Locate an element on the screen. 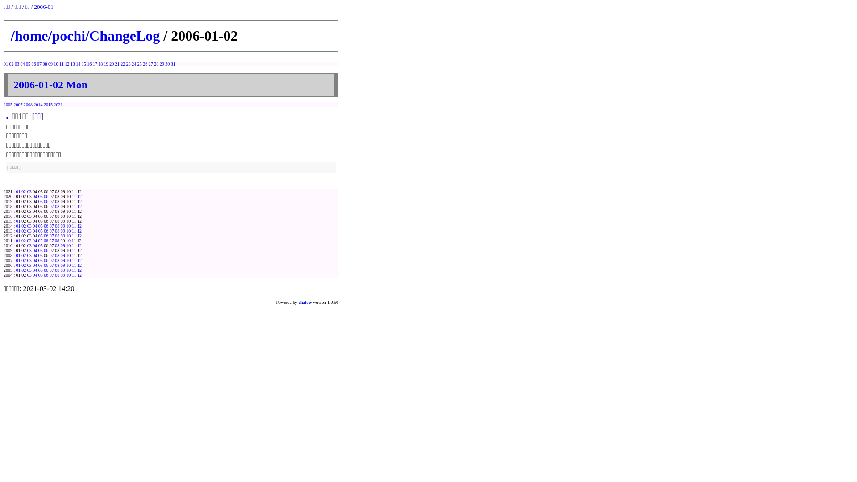  '12' is located at coordinates (77, 206).